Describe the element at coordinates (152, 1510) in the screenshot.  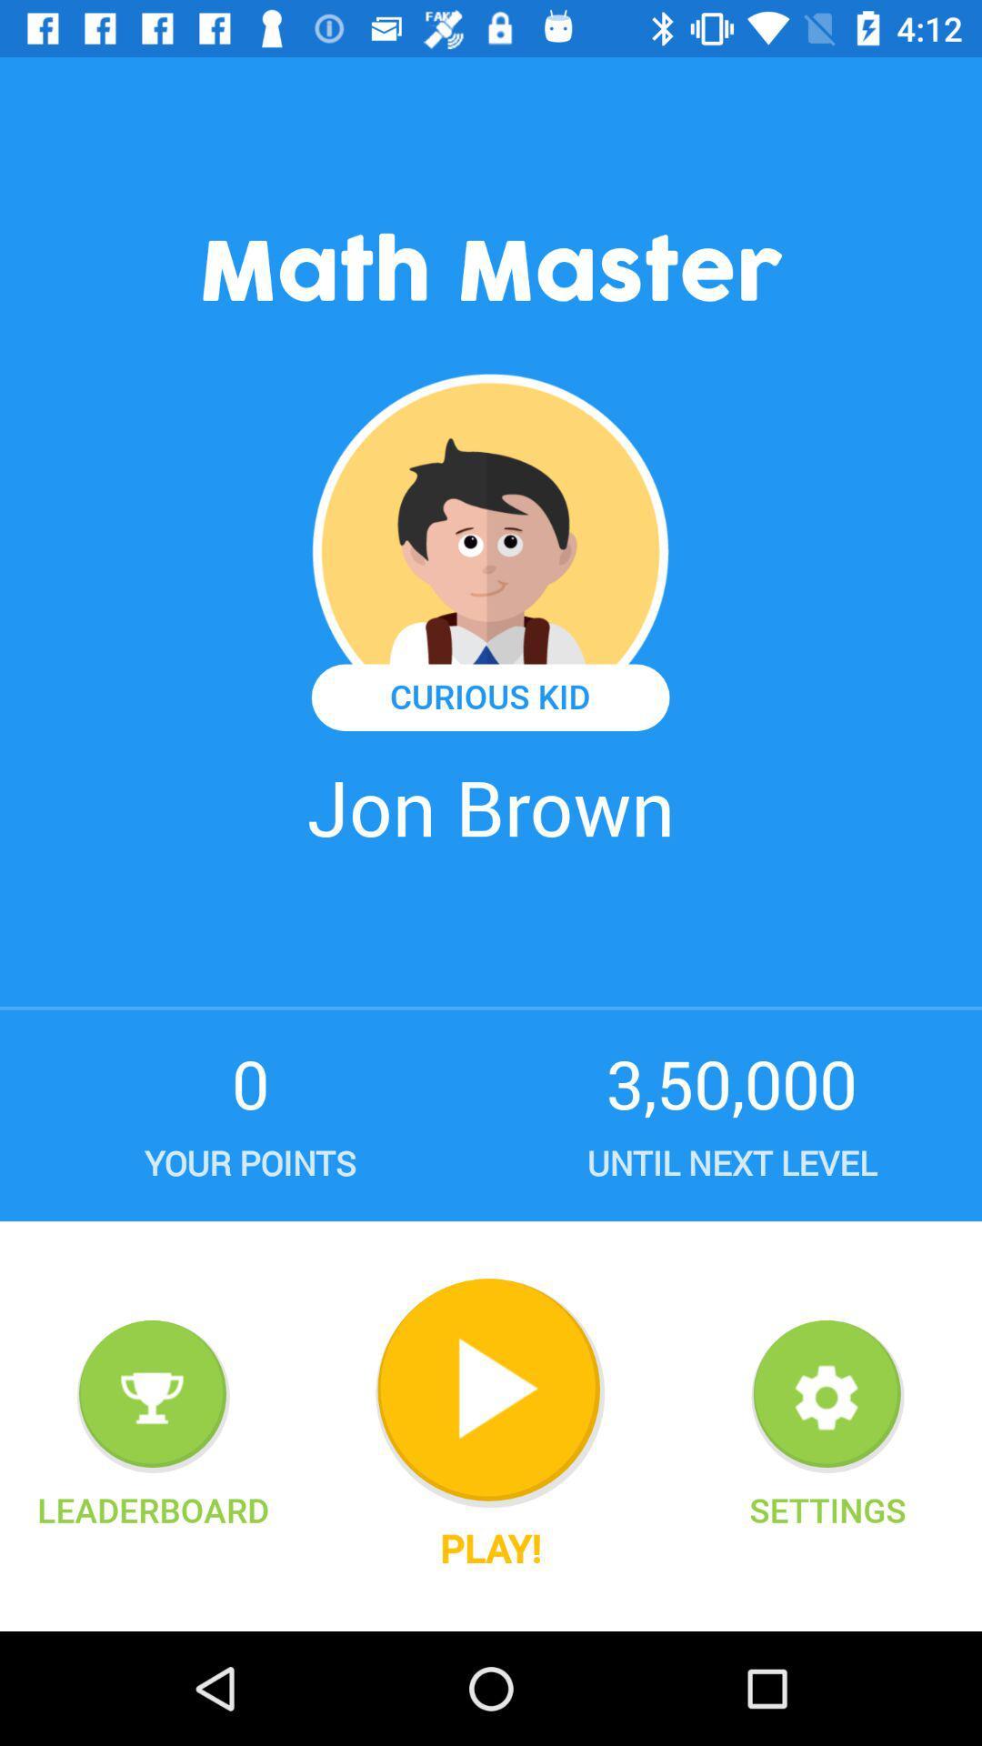
I see `leaderboard item` at that location.